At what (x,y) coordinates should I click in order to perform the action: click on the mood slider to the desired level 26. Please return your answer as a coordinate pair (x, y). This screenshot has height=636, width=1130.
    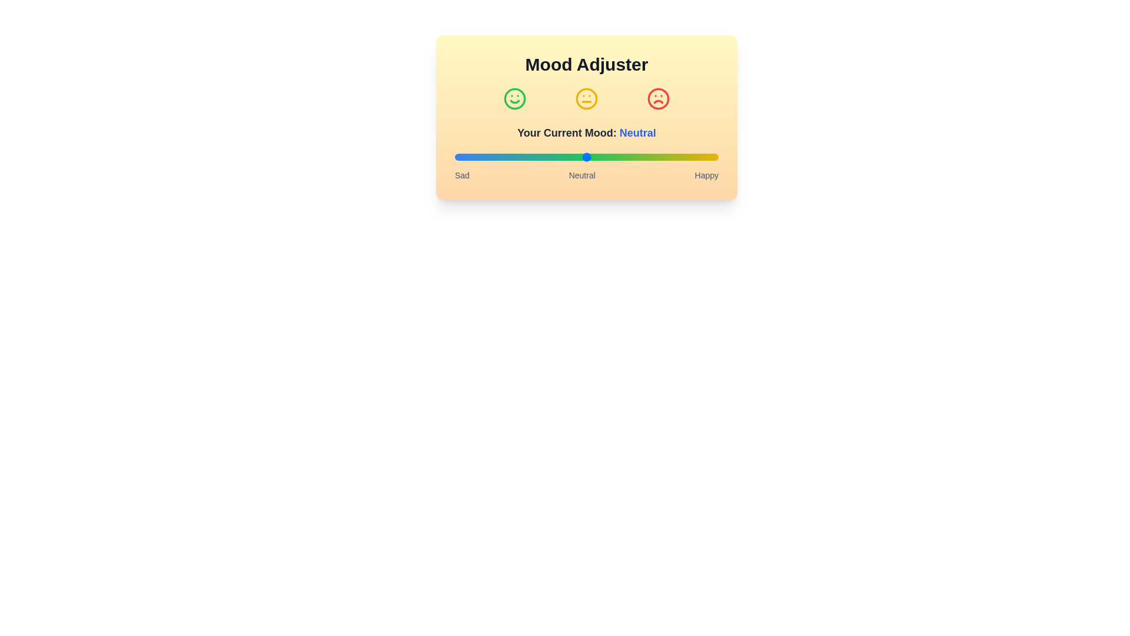
    Looking at the image, I should click on (523, 156).